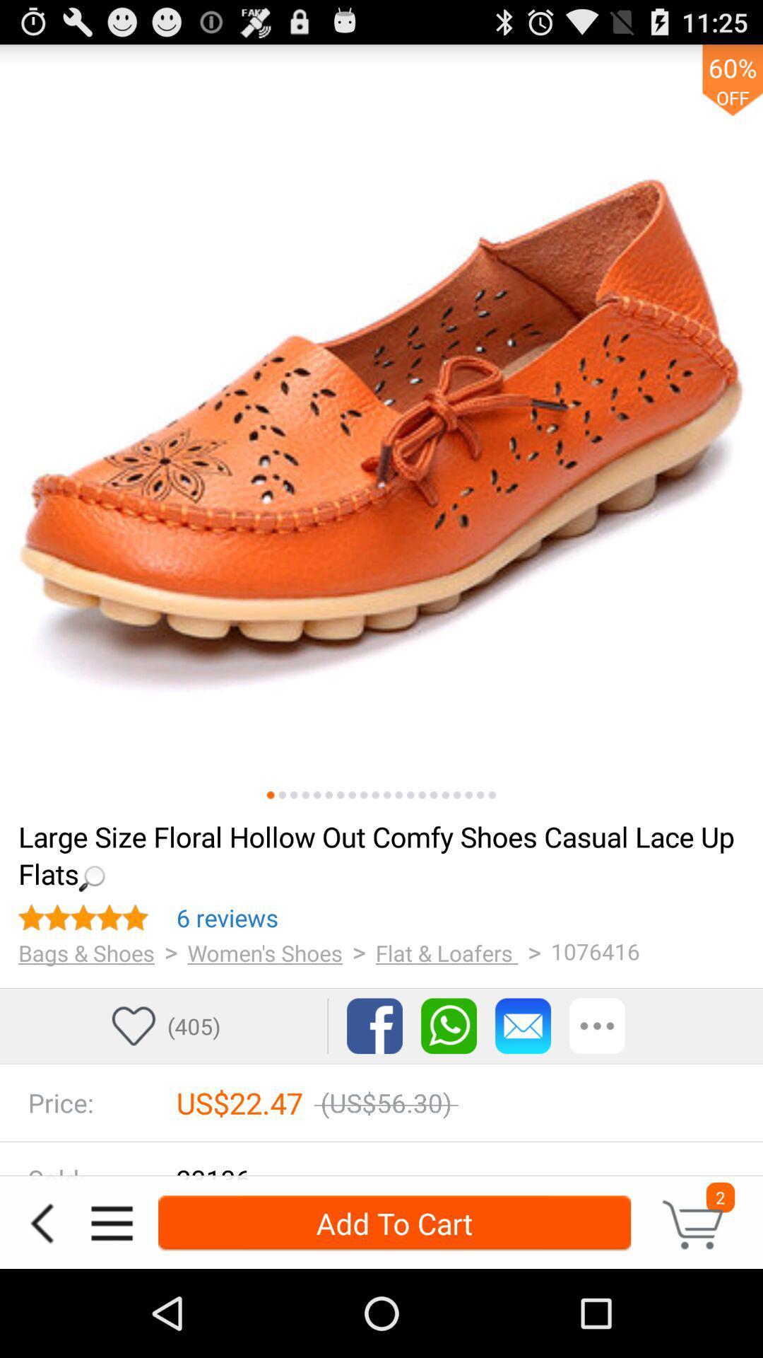  What do you see at coordinates (597, 1026) in the screenshot?
I see `other sharing options` at bounding box center [597, 1026].